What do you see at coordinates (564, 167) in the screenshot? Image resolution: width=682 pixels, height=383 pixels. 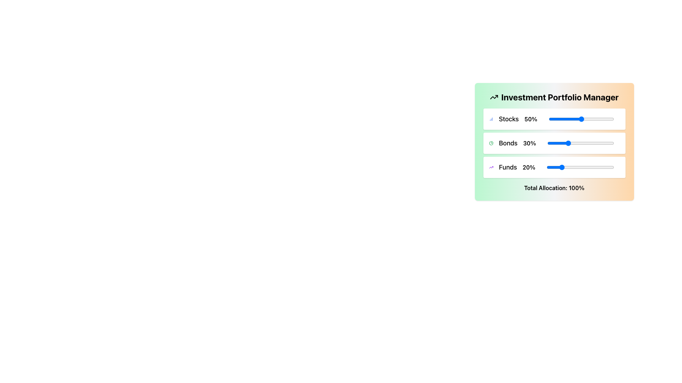 I see `the 'Funds' allocation` at bounding box center [564, 167].